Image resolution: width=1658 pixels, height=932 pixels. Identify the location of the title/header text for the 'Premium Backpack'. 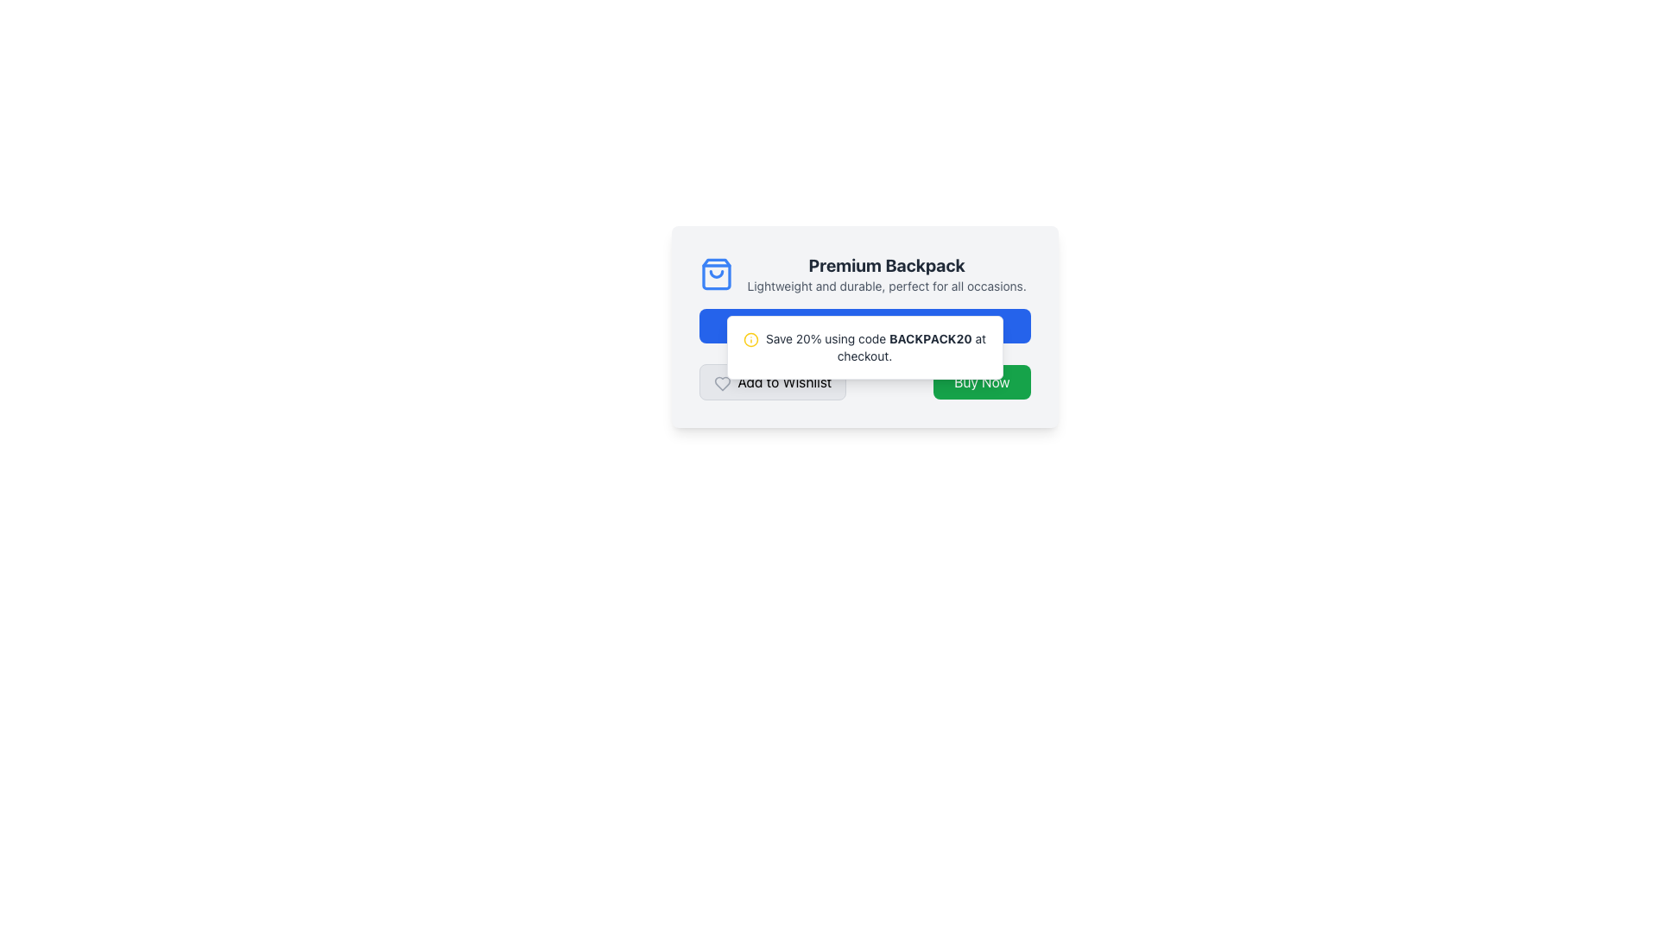
(887, 266).